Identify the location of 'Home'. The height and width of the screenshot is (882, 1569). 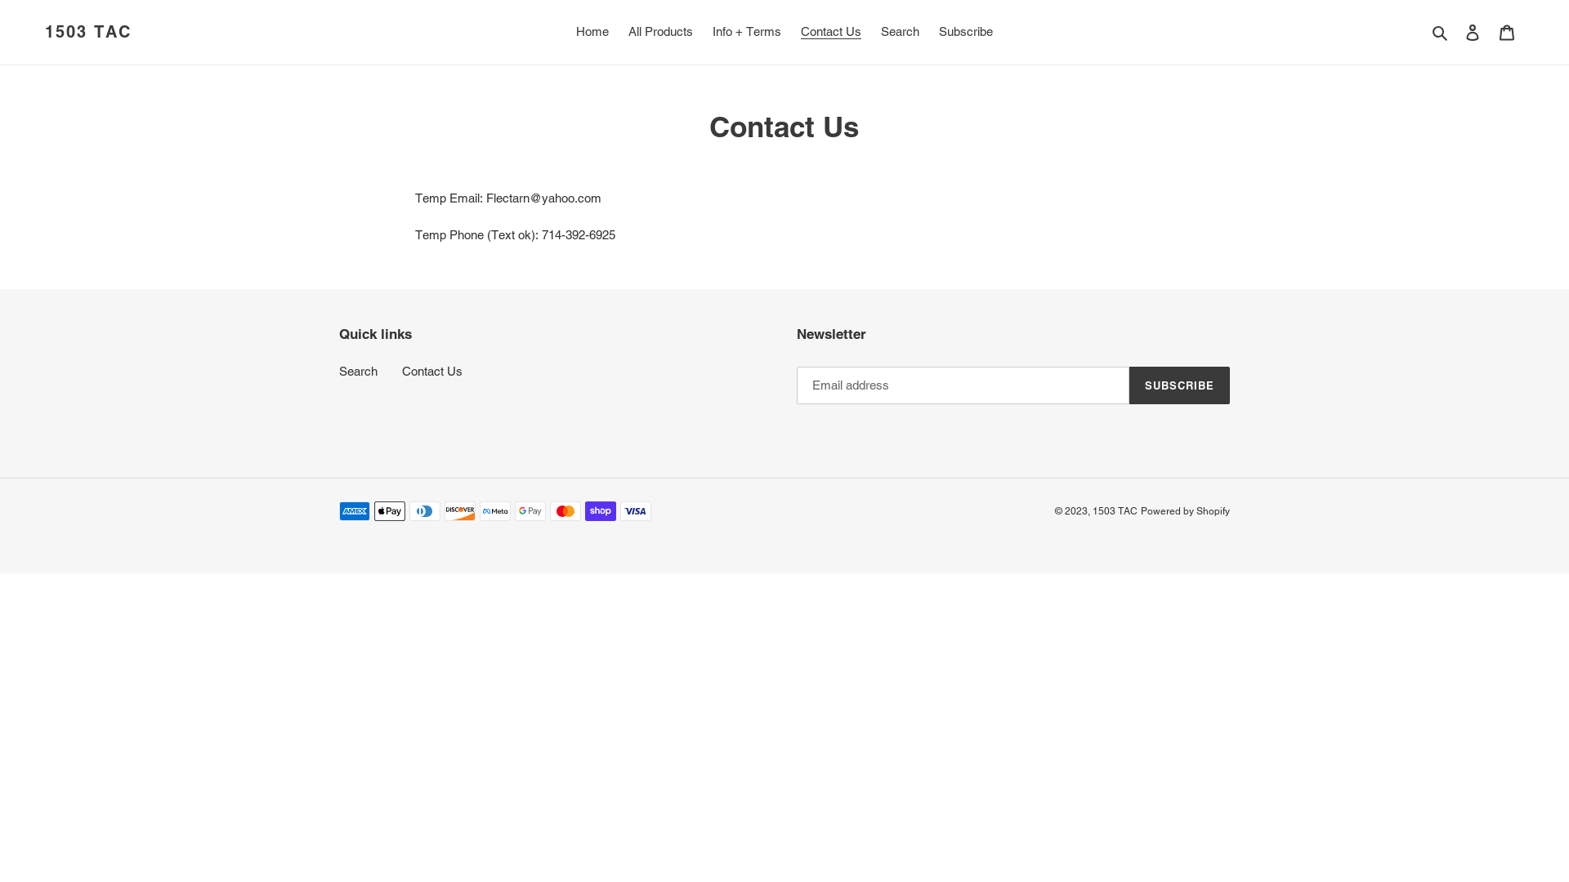
(568, 32).